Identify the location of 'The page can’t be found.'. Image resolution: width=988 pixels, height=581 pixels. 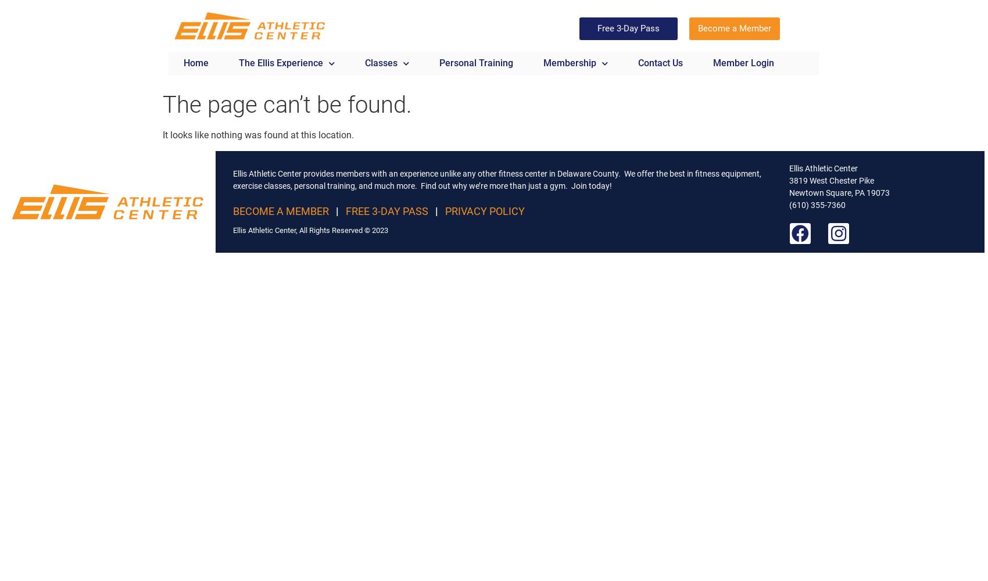
(287, 105).